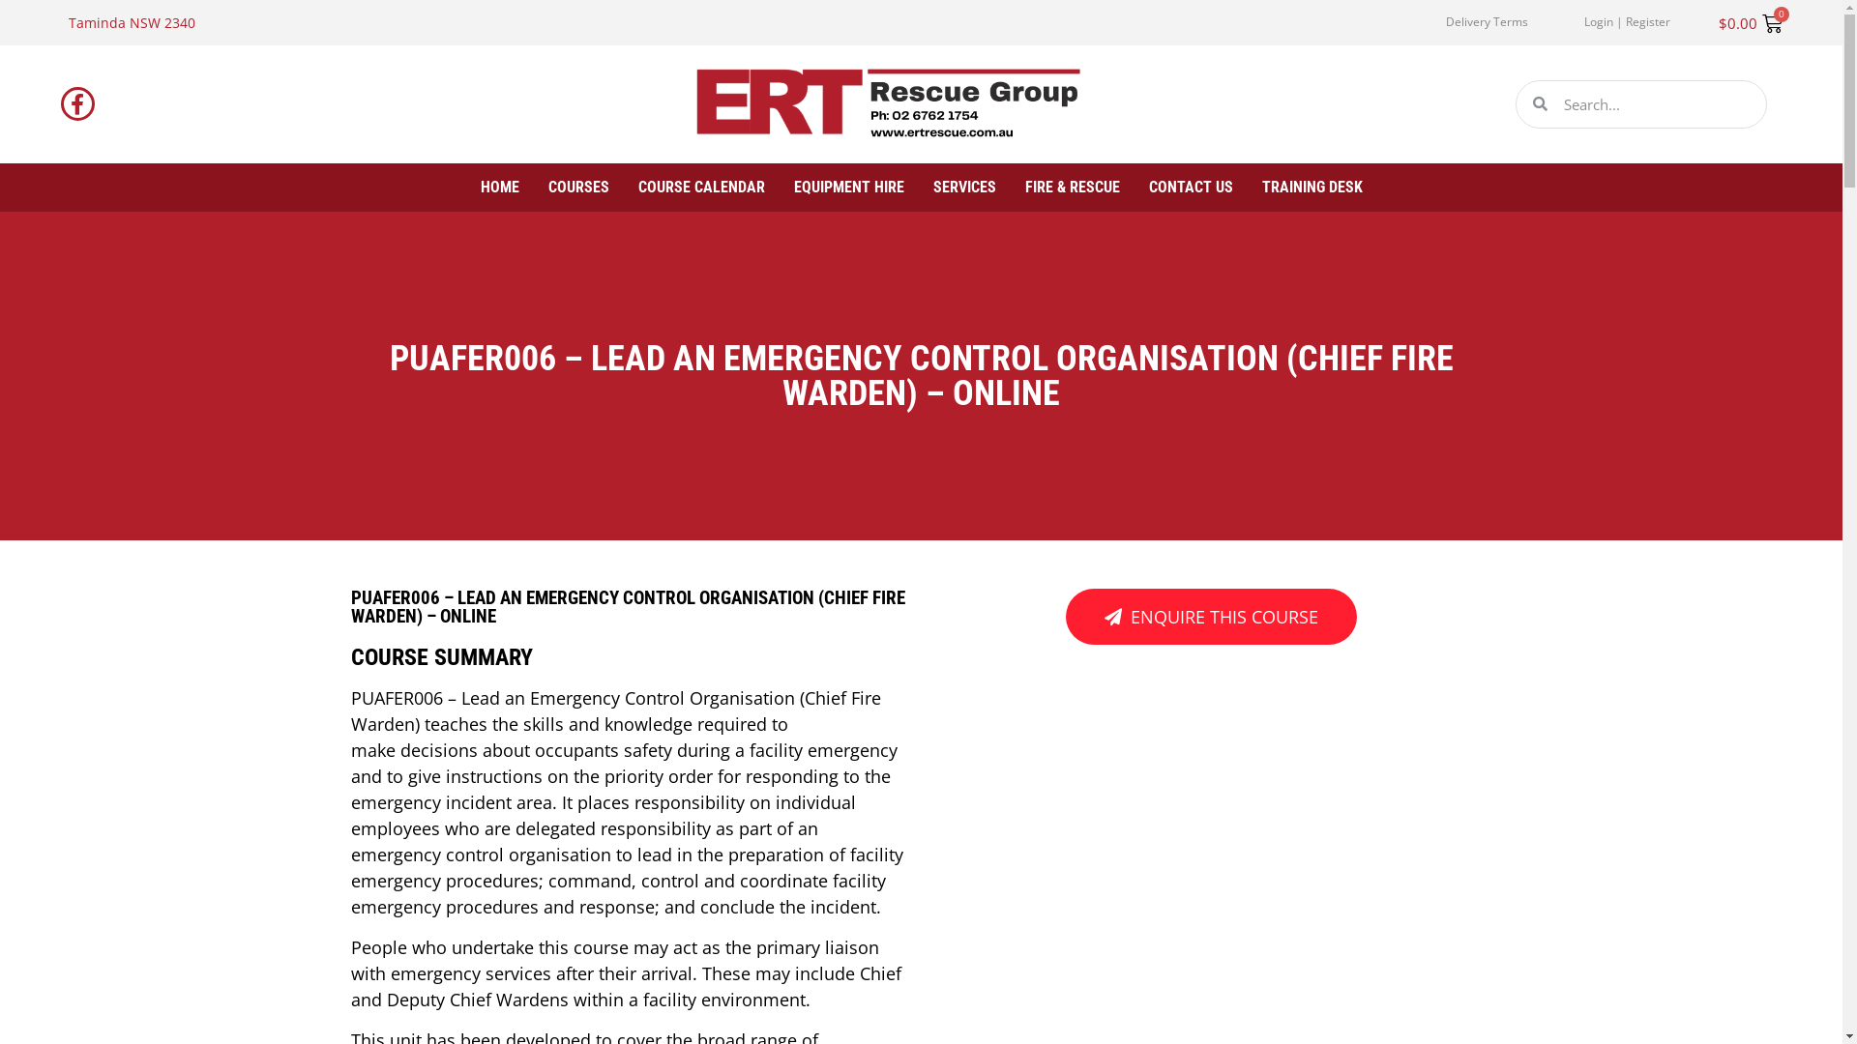 This screenshot has width=1857, height=1044. Describe the element at coordinates (130, 22) in the screenshot. I see `'Taminda NSW 2340'` at that location.